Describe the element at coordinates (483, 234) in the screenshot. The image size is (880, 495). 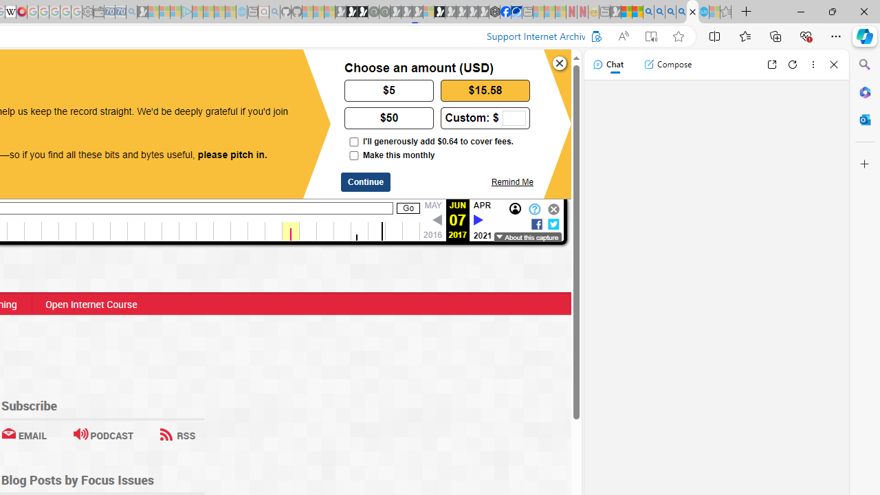
I see `'2021'` at that location.